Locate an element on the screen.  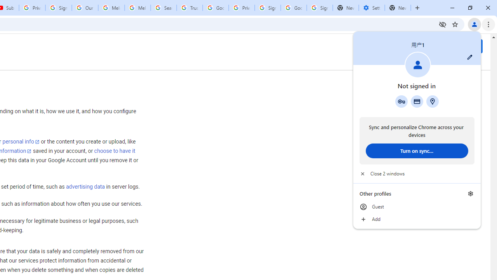
'Sign in - Google Accounts' is located at coordinates (268, 8).